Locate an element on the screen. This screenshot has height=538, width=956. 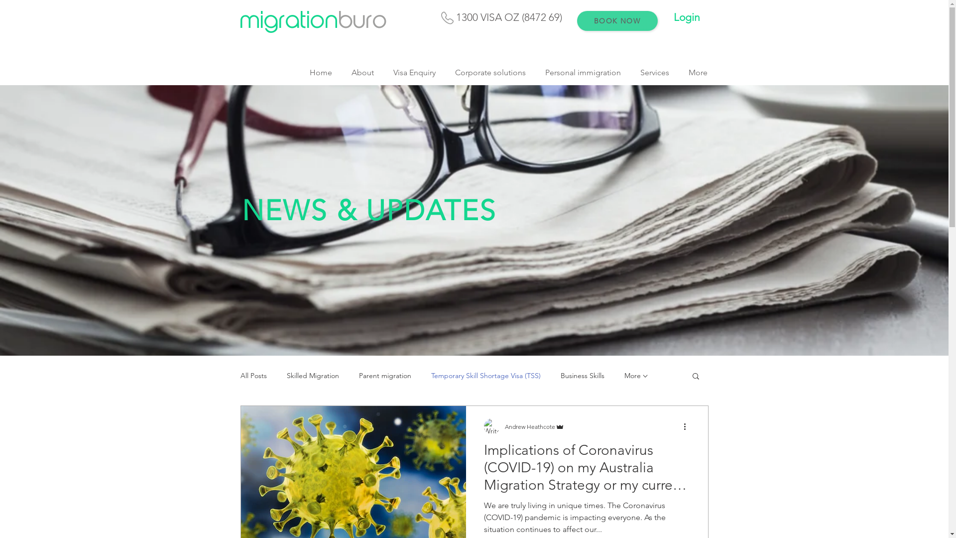
'Skilled Migration' is located at coordinates (312, 375).